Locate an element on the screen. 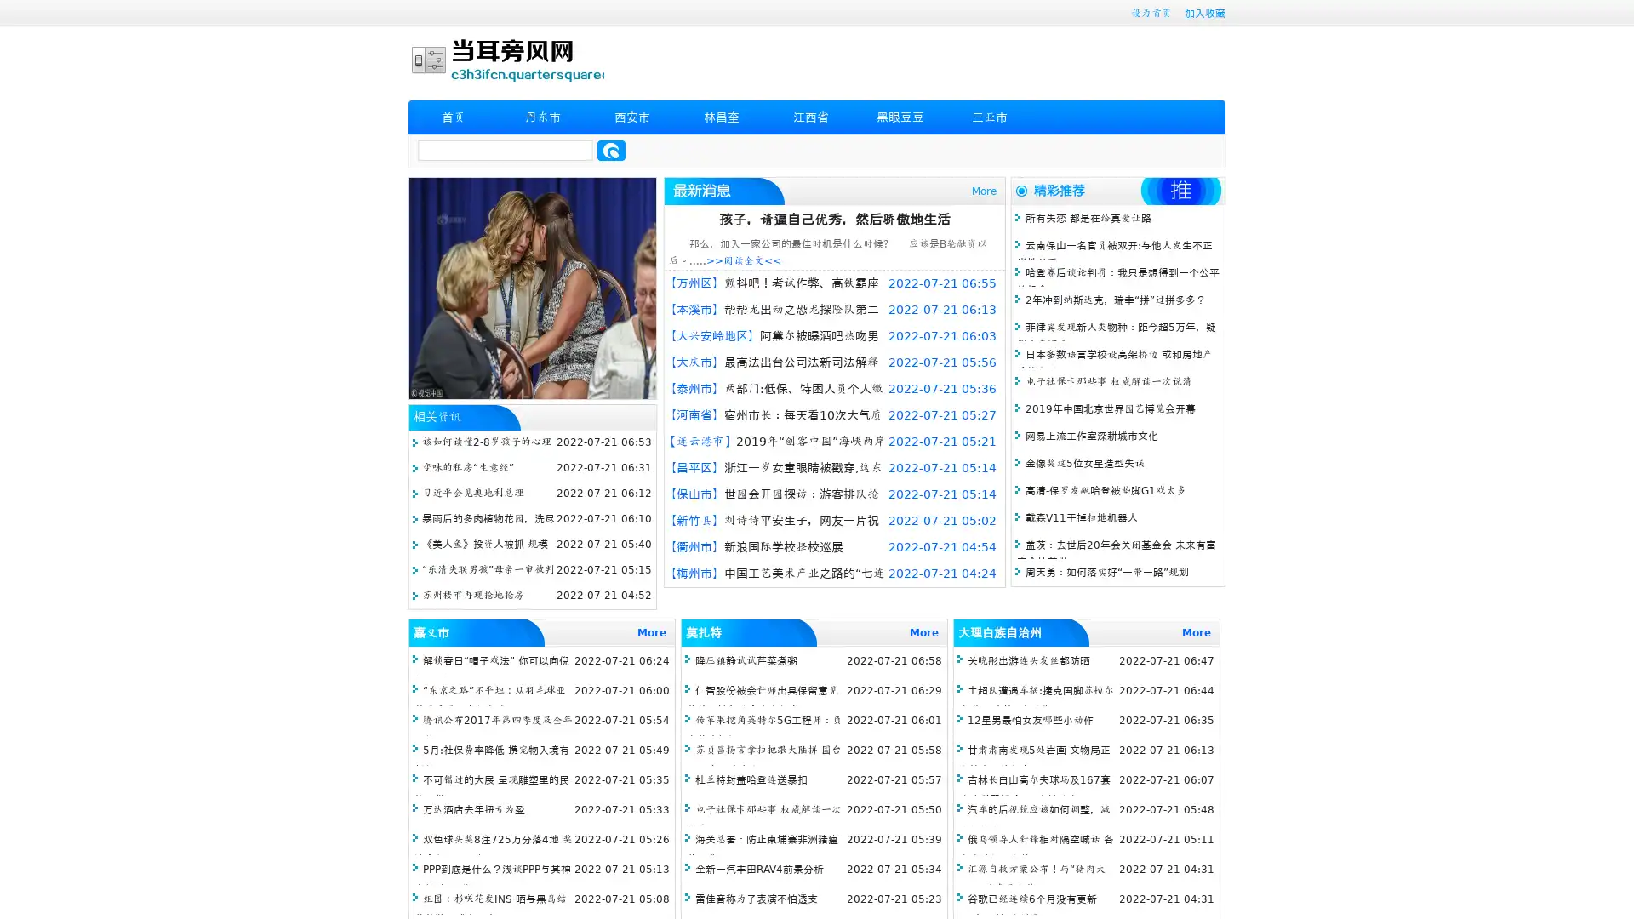  Search is located at coordinates (611, 150).